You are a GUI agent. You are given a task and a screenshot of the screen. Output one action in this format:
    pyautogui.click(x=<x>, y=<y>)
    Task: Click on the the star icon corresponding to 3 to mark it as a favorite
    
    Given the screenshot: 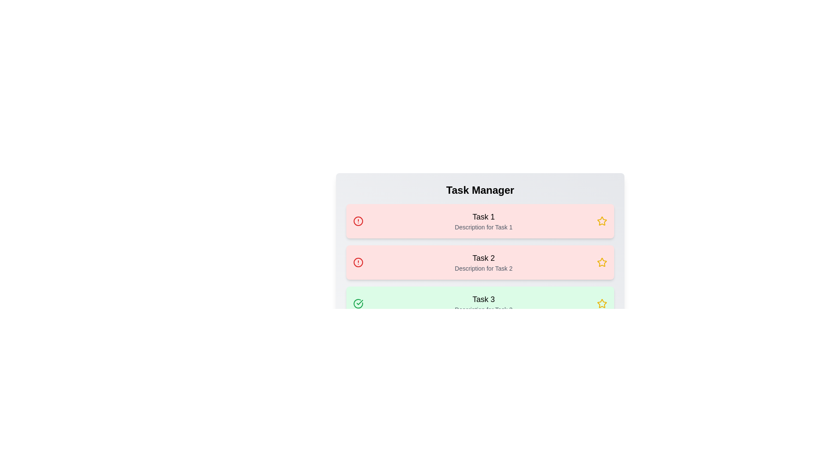 What is the action you would take?
    pyautogui.click(x=601, y=303)
    